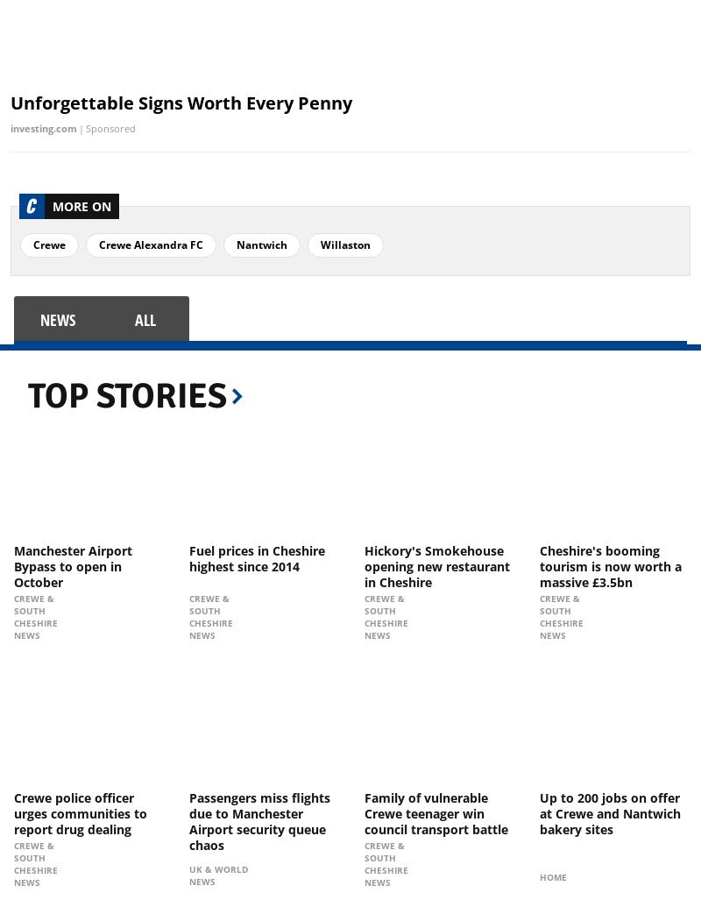 This screenshot has height=907, width=701. What do you see at coordinates (436, 811) in the screenshot?
I see `'Family of vulnerable Crewe teenager win council transport battle'` at bounding box center [436, 811].